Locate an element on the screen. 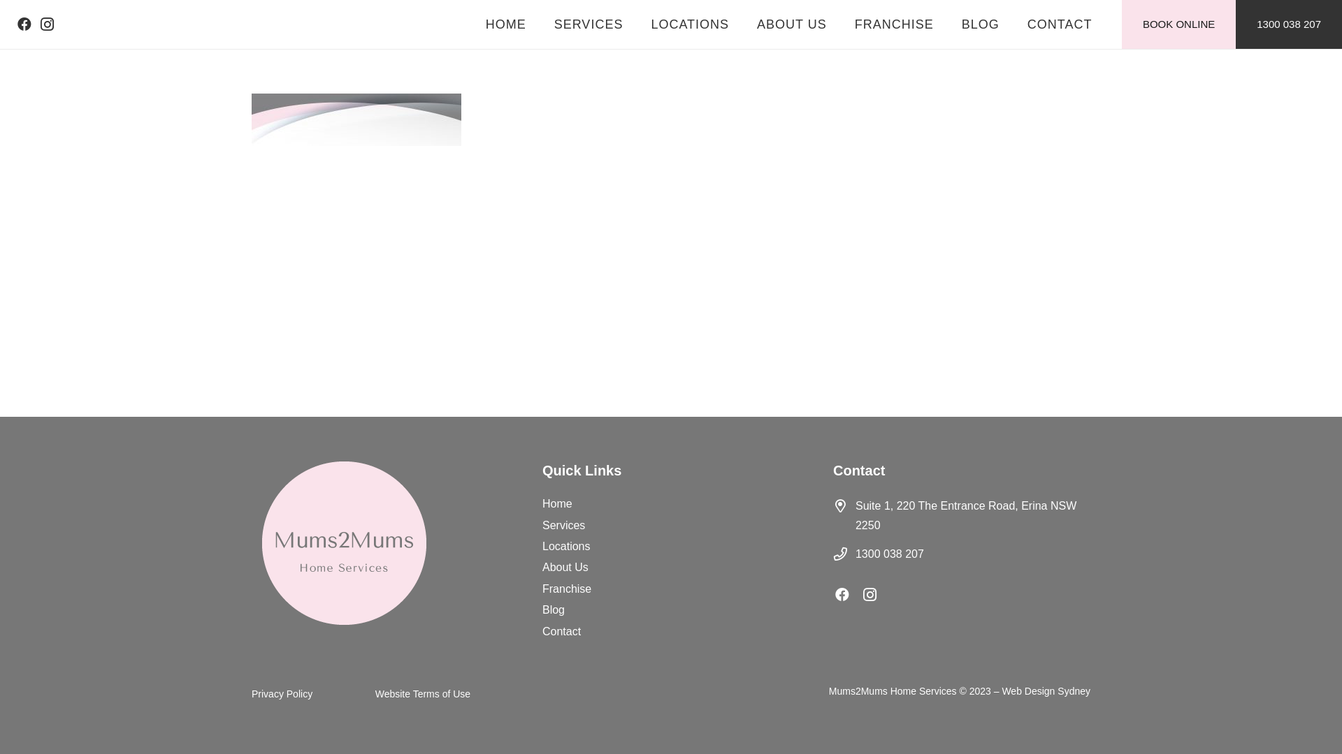 The width and height of the screenshot is (1342, 754). 'BLOG' is located at coordinates (979, 24).